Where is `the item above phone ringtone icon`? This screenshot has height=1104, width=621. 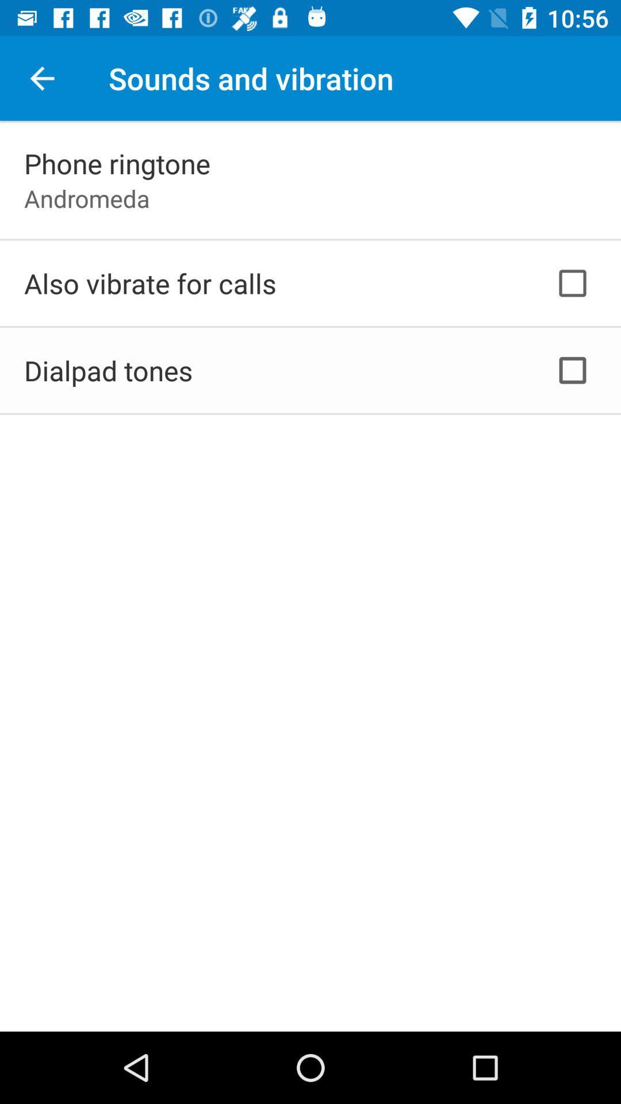
the item above phone ringtone icon is located at coordinates (41, 78).